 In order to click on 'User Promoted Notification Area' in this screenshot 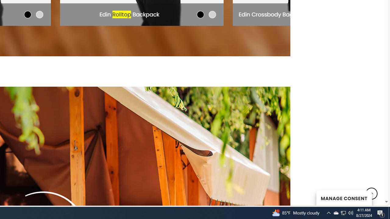, I will do `click(343, 212)`.